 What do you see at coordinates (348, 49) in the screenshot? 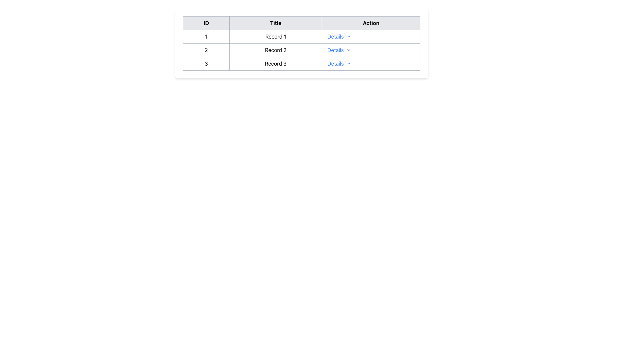
I see `the small chevron-down icon located immediately to the right of the text 'Details' in the 'Action' column of the second row` at bounding box center [348, 49].